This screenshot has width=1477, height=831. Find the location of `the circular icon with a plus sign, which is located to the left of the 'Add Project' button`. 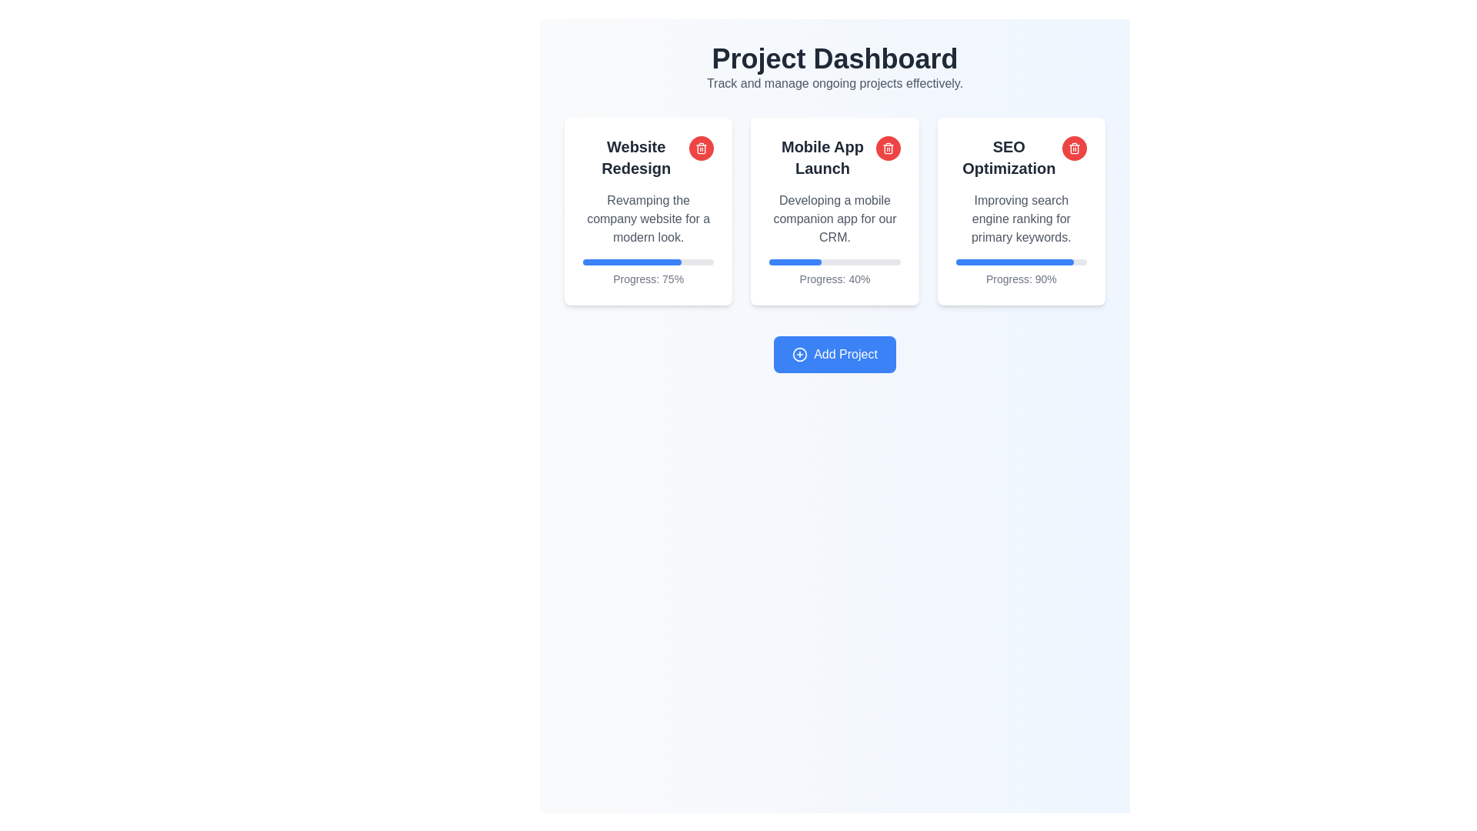

the circular icon with a plus sign, which is located to the left of the 'Add Project' button is located at coordinates (800, 355).